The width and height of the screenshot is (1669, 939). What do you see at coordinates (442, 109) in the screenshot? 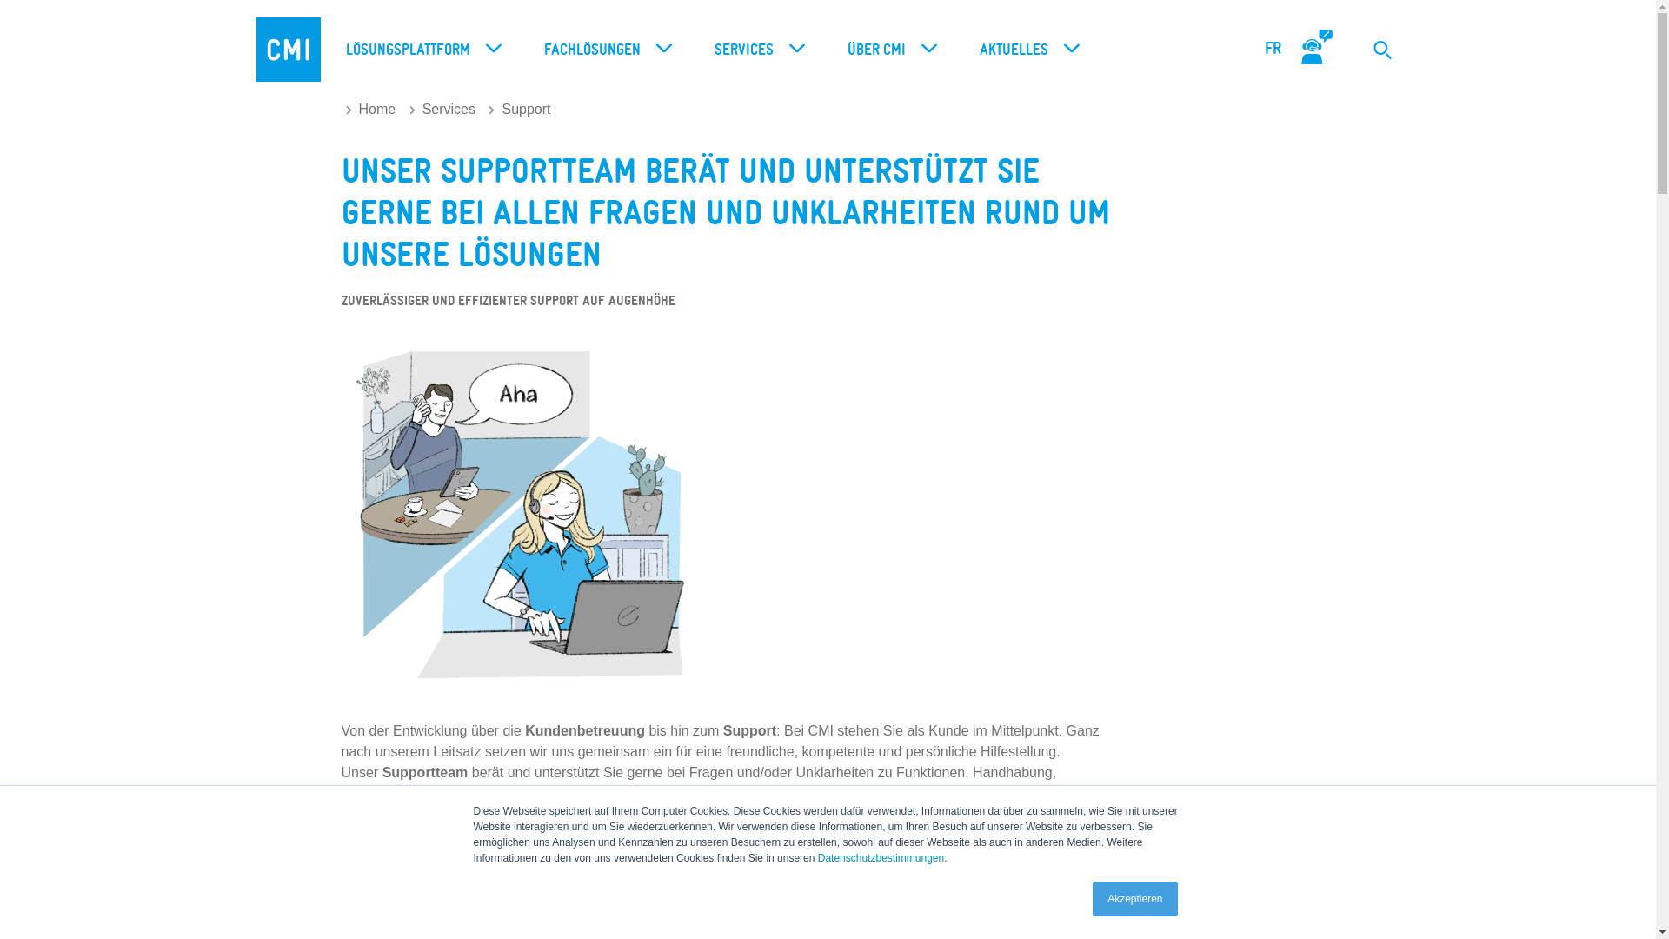
I see `'Services'` at bounding box center [442, 109].